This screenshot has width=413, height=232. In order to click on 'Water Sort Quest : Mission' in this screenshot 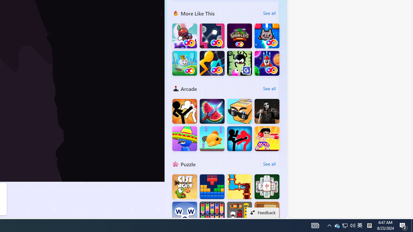, I will do `click(212, 214)`.